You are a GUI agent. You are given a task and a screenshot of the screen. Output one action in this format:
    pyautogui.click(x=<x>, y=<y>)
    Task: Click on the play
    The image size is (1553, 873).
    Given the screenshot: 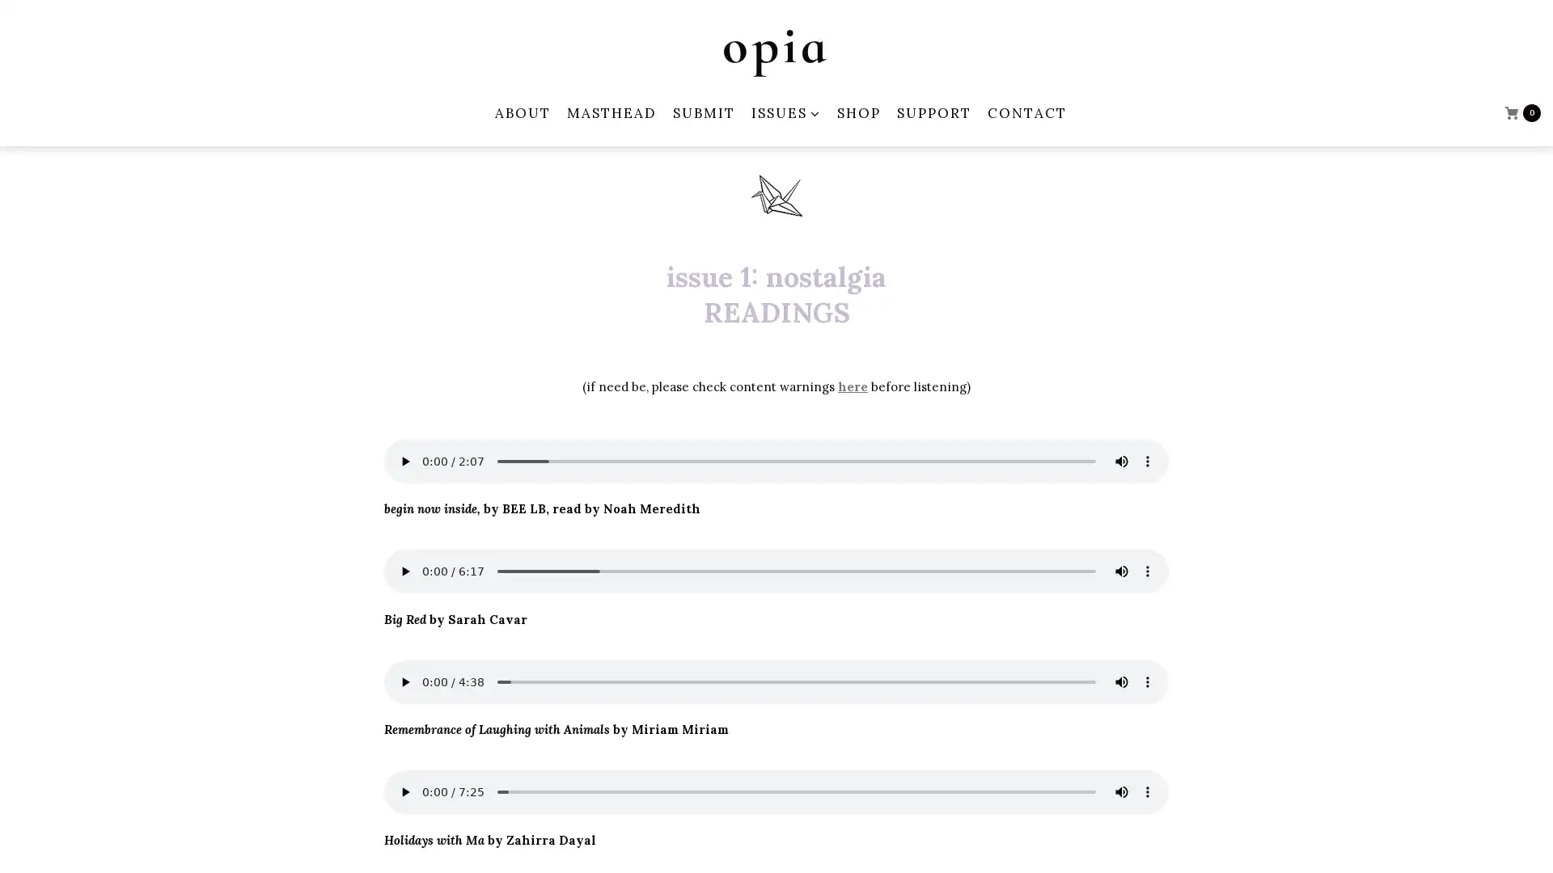 What is the action you would take?
    pyautogui.click(x=404, y=570)
    